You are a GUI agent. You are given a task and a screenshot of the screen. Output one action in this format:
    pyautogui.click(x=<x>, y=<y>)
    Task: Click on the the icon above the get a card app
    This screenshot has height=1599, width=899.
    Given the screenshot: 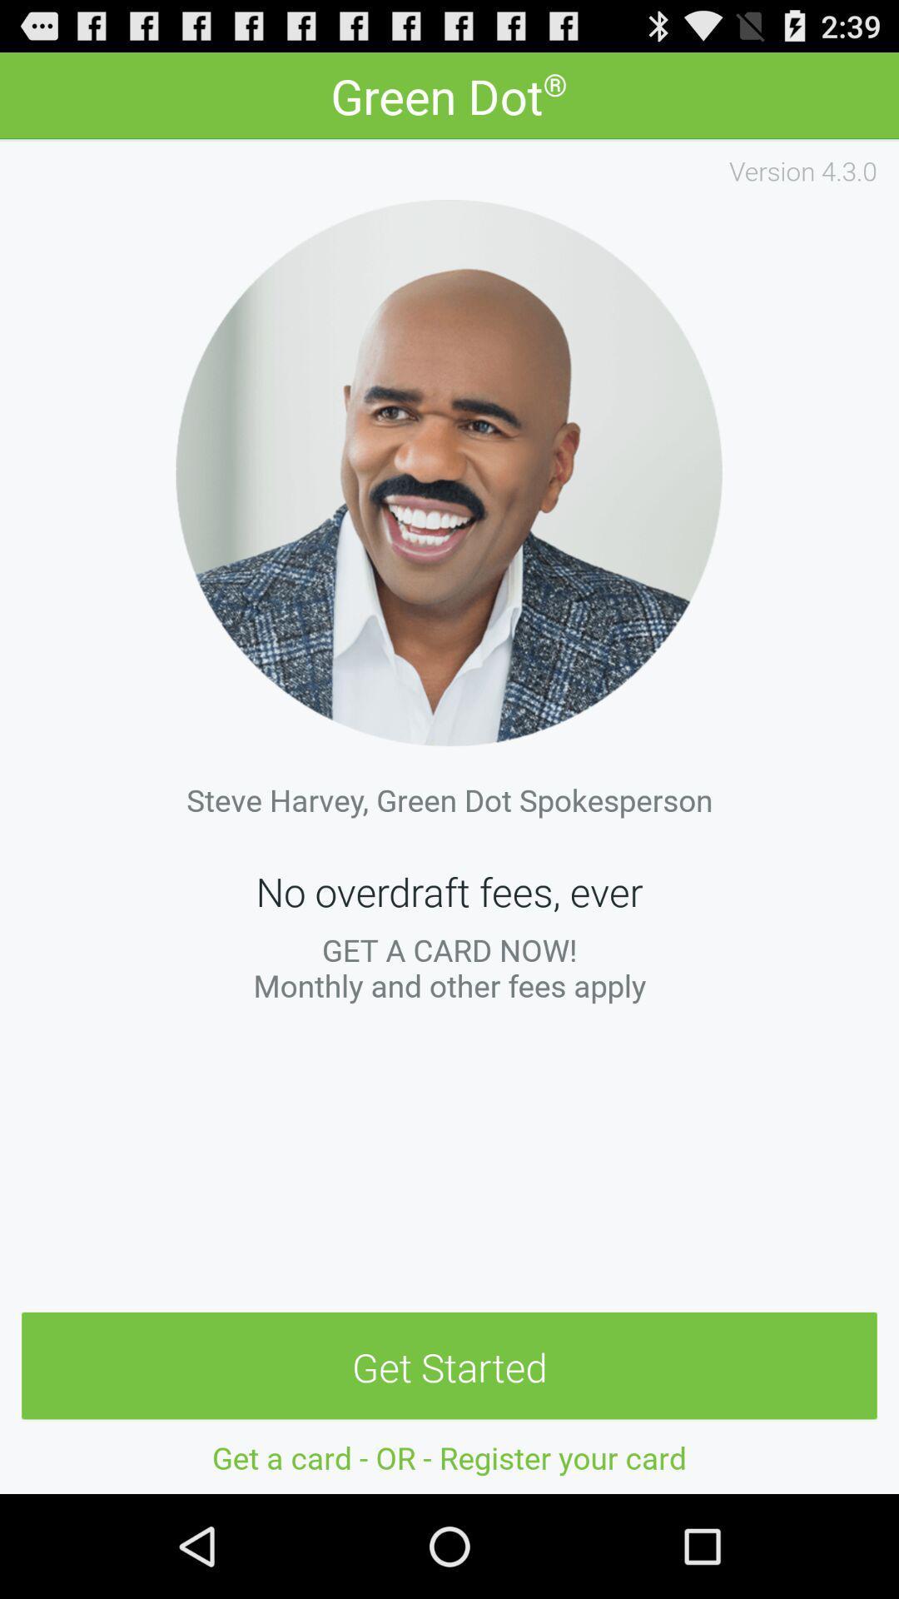 What is the action you would take?
    pyautogui.click(x=449, y=1367)
    